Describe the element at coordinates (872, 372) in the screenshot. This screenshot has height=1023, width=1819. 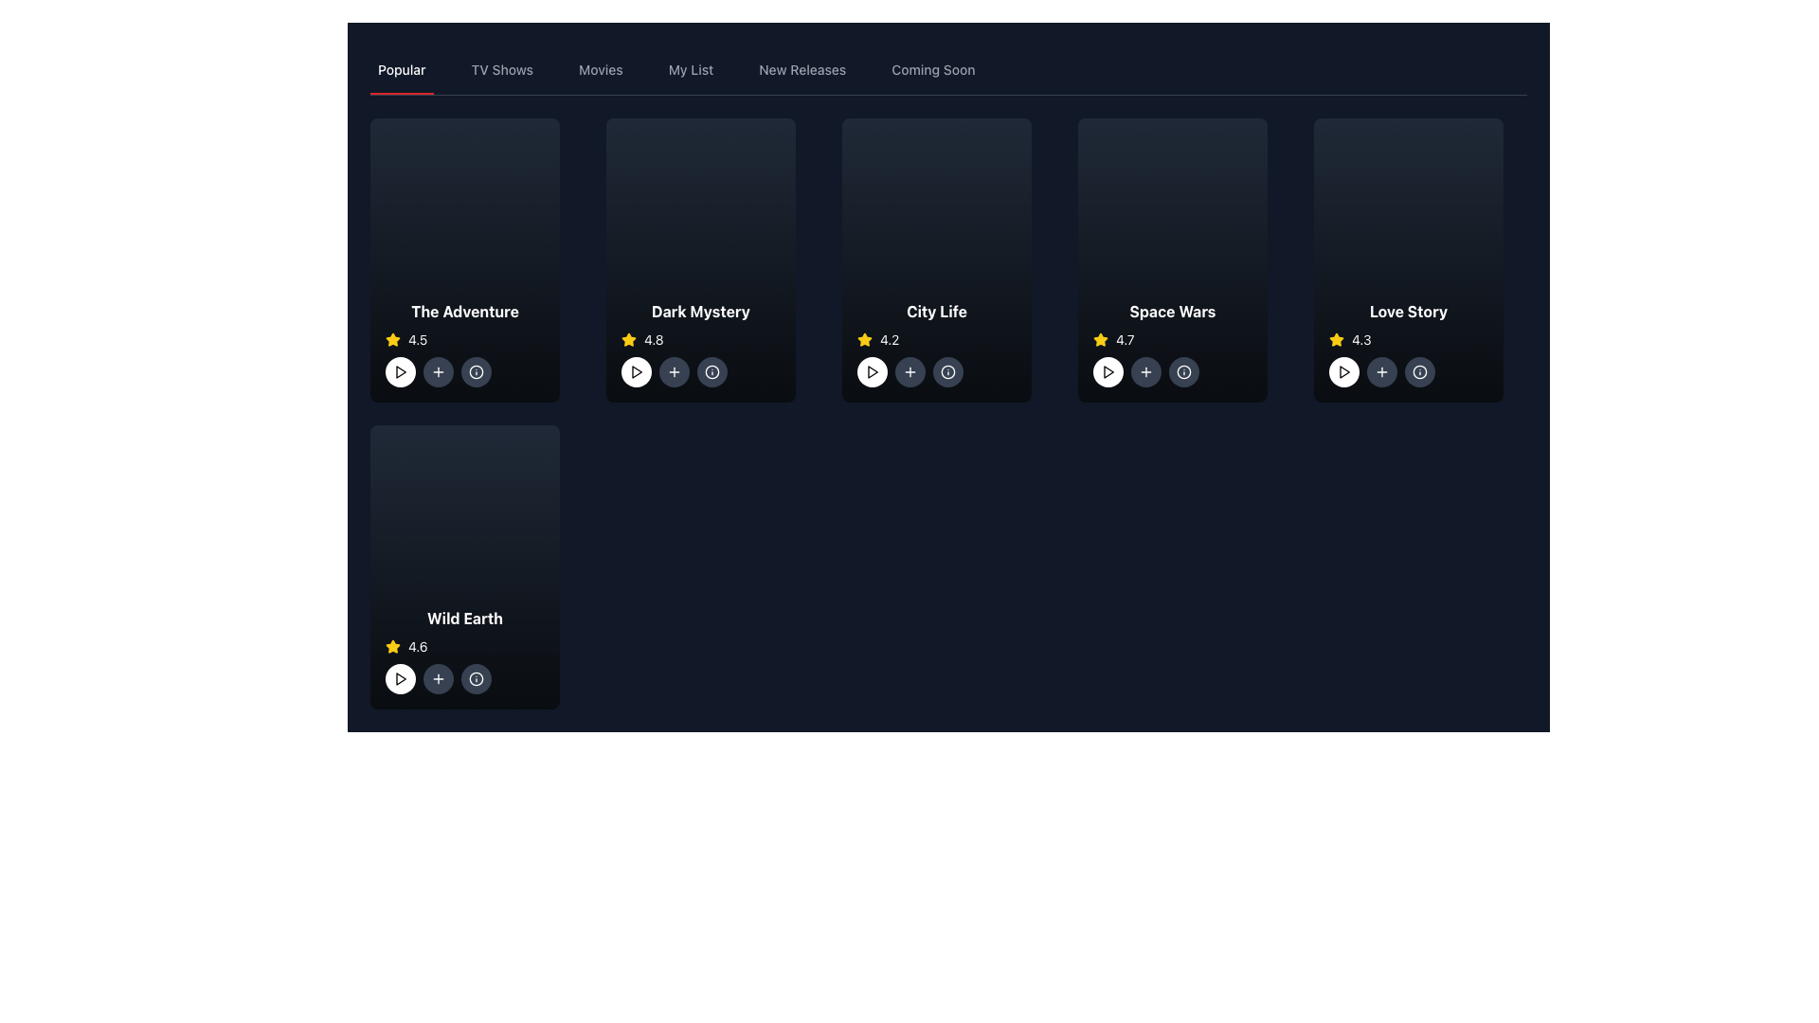
I see `the playback button located under the 'City Life' card, which is the first button in a horizontal arrangement of interactive buttons` at that location.